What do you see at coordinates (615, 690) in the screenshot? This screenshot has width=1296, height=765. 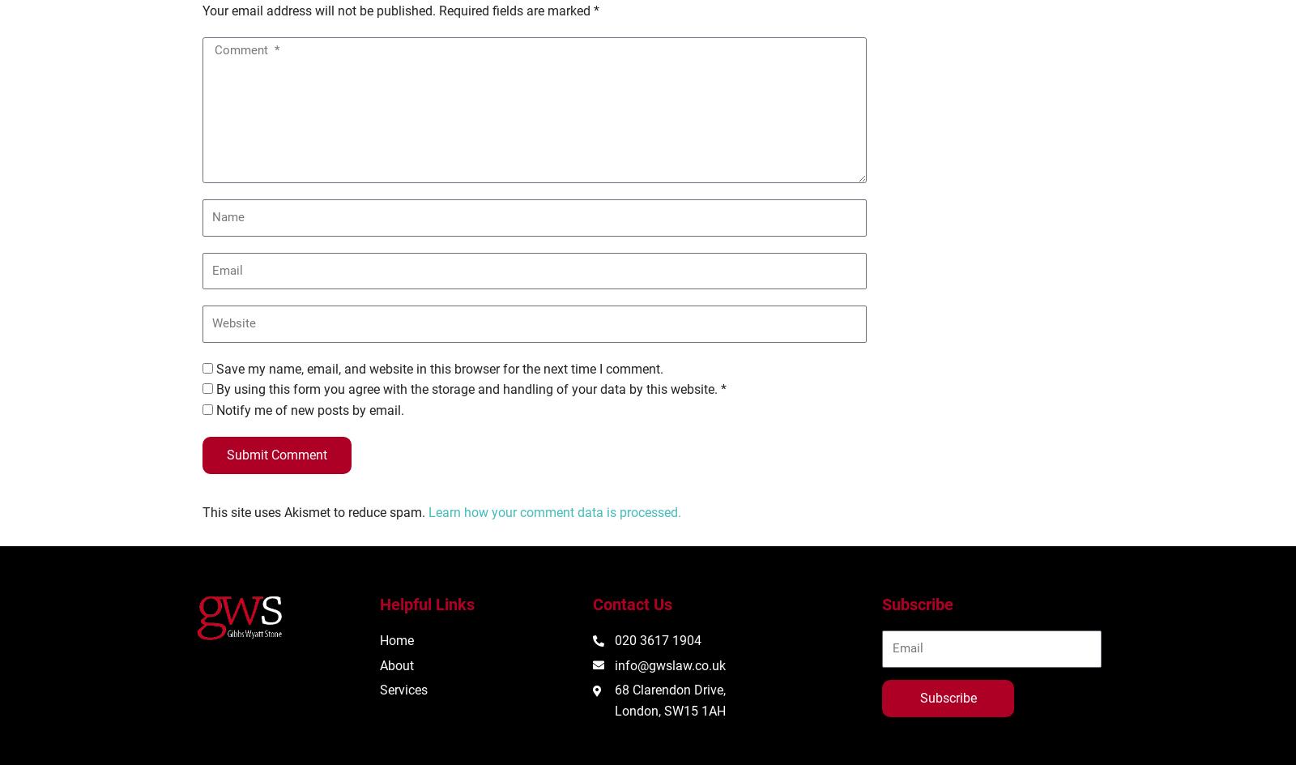 I see `'68 Clarendon Drive,'` at bounding box center [615, 690].